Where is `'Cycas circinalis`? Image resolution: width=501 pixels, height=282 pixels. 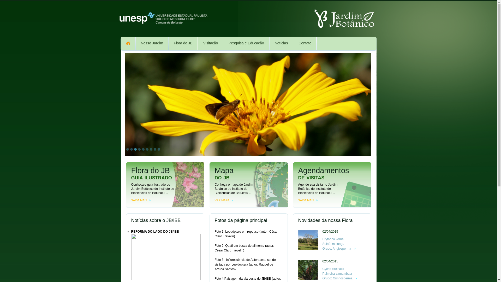
'Cycas circinalis is located at coordinates (340, 273).